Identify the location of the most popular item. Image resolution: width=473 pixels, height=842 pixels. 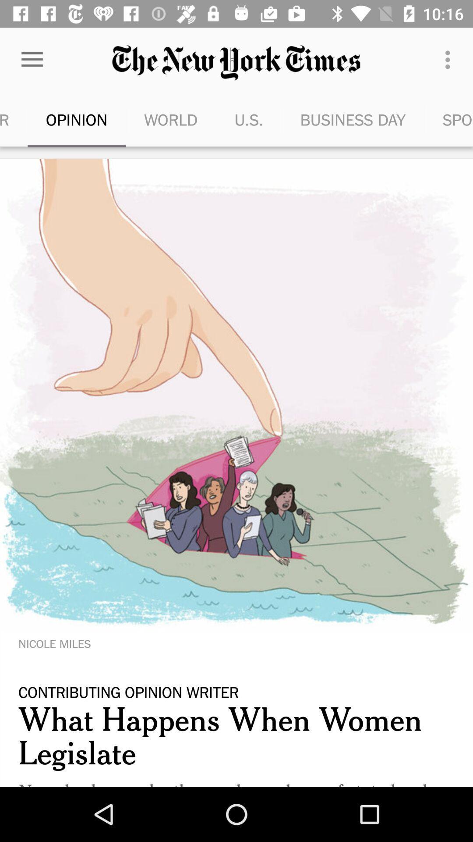
(14, 119).